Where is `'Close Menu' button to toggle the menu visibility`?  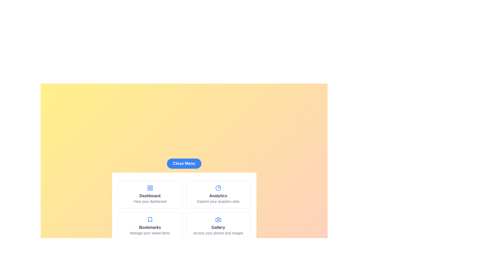 'Close Menu' button to toggle the menu visibility is located at coordinates (184, 163).